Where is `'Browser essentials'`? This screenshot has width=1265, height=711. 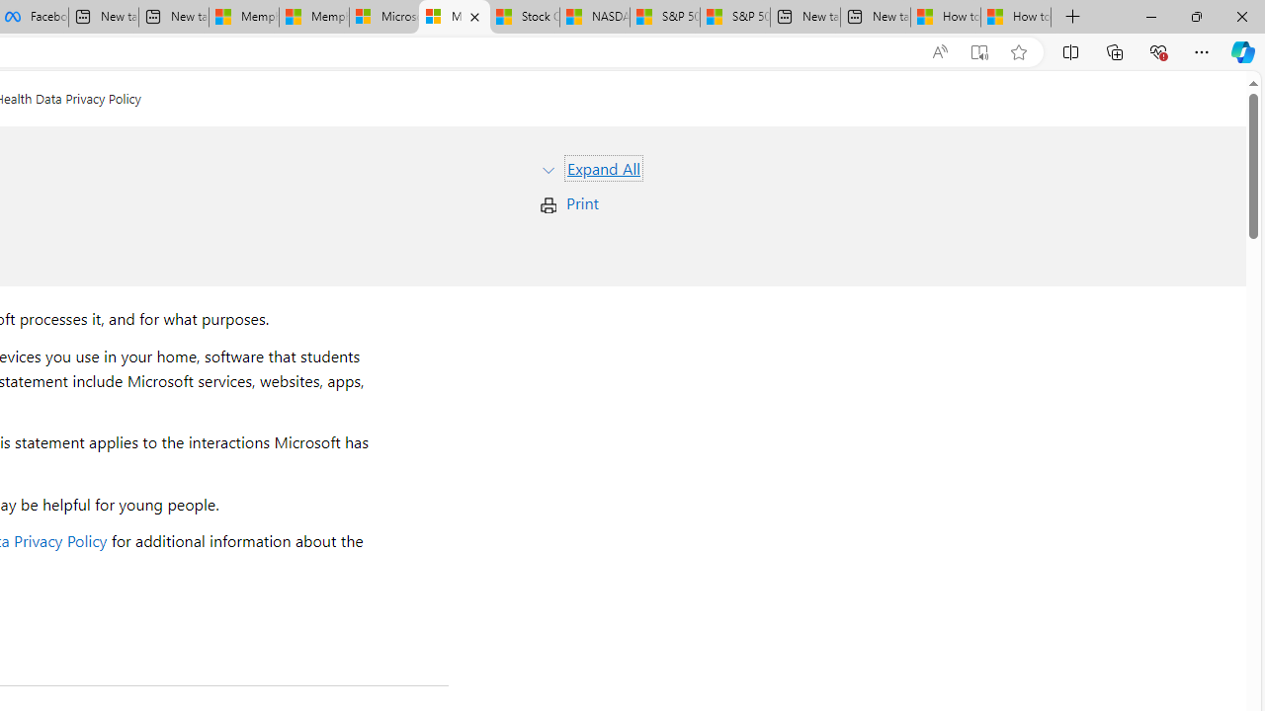
'Browser essentials' is located at coordinates (1157, 50).